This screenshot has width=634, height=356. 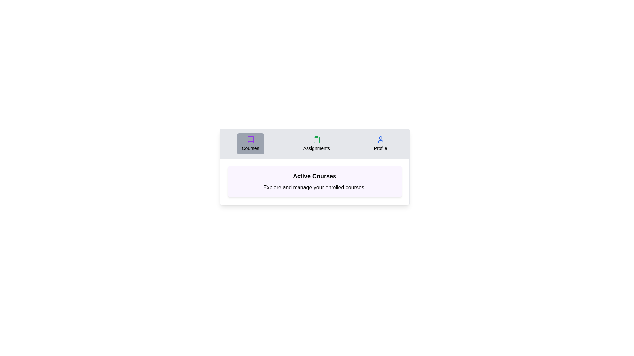 What do you see at coordinates (316, 143) in the screenshot?
I see `the Assignments tab to view its content` at bounding box center [316, 143].